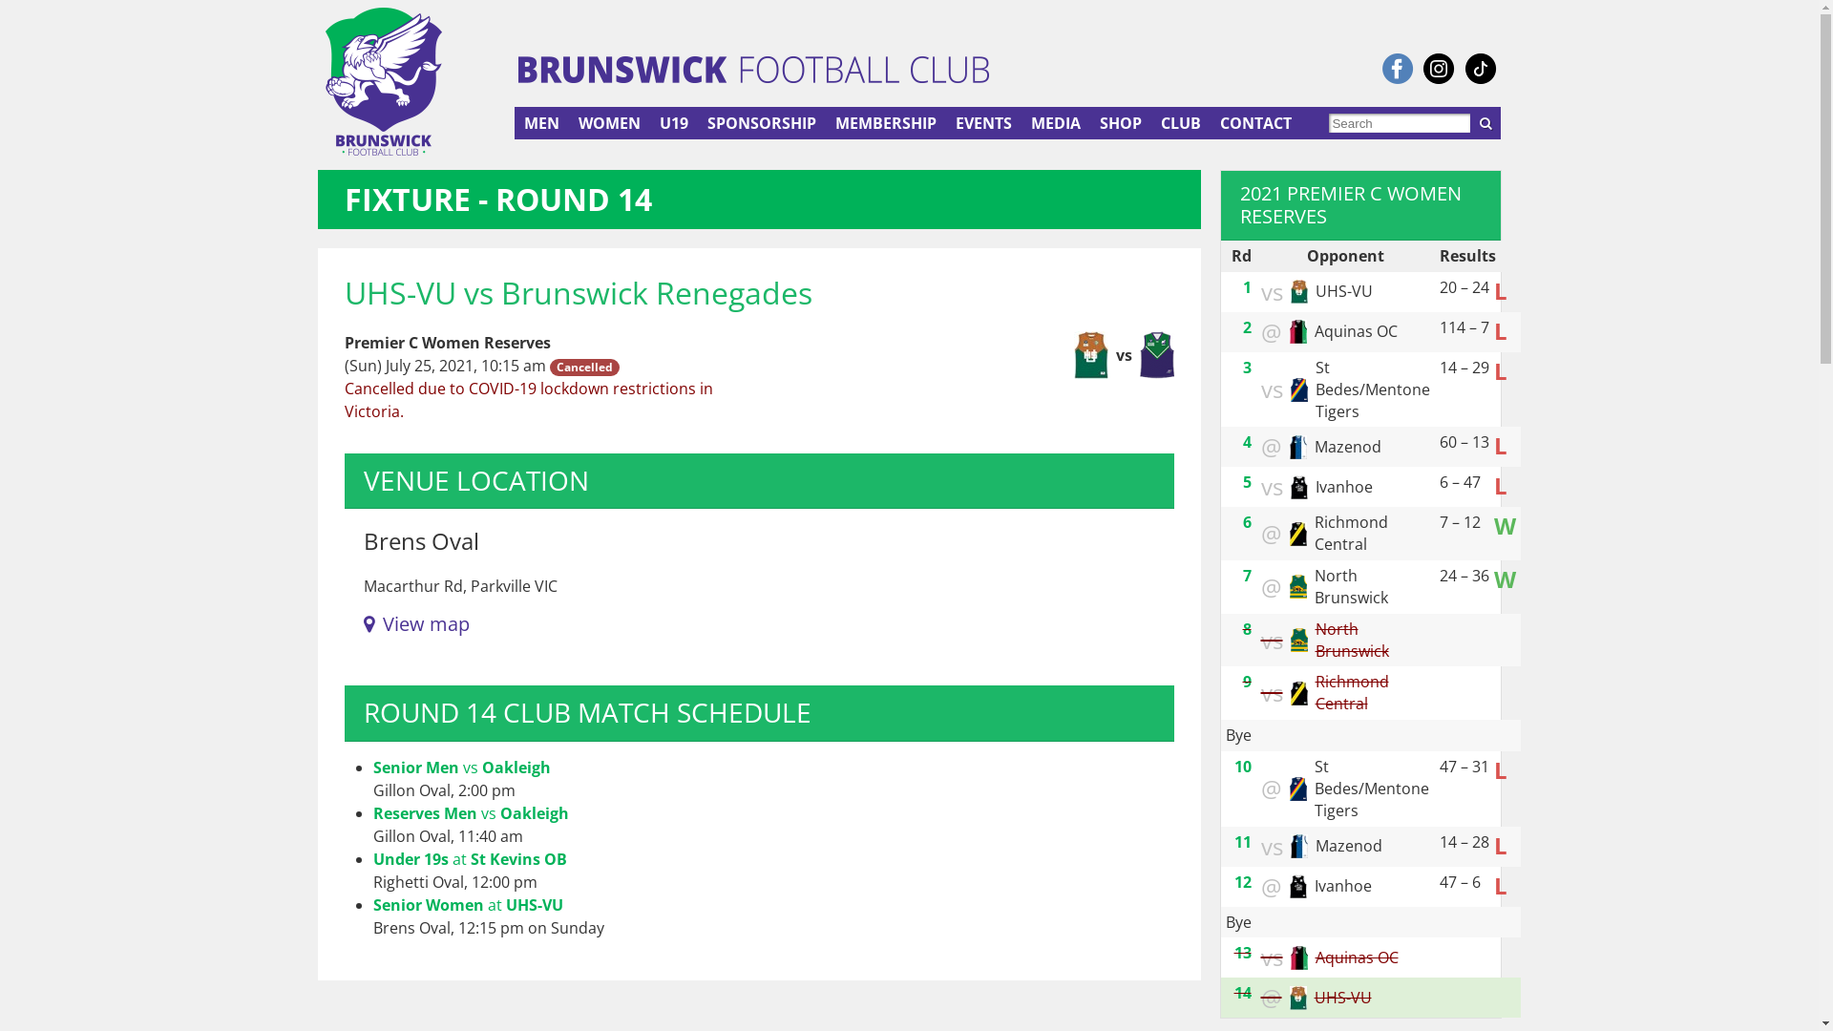  Describe the element at coordinates (1233, 839) in the screenshot. I see `'11'` at that location.